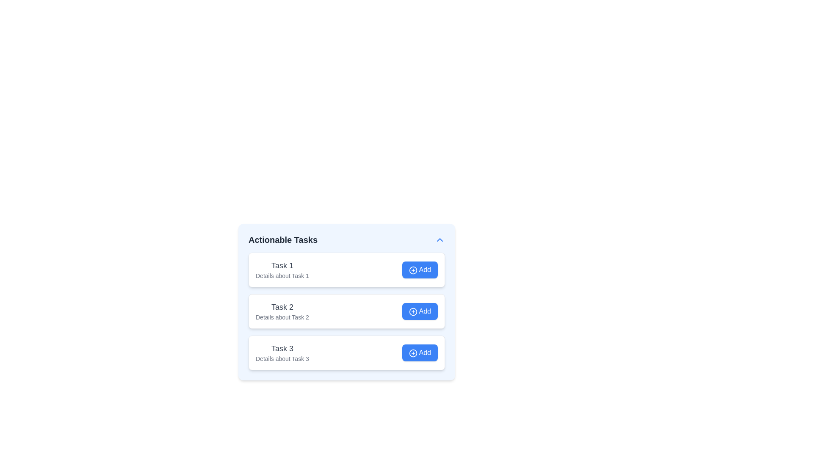 The height and width of the screenshot is (457, 813). Describe the element at coordinates (413, 311) in the screenshot. I see `the circular plus icon located at the right end of the 'Add' button within the card for 'Task 2' in the 'Actionable Tasks' section` at that location.